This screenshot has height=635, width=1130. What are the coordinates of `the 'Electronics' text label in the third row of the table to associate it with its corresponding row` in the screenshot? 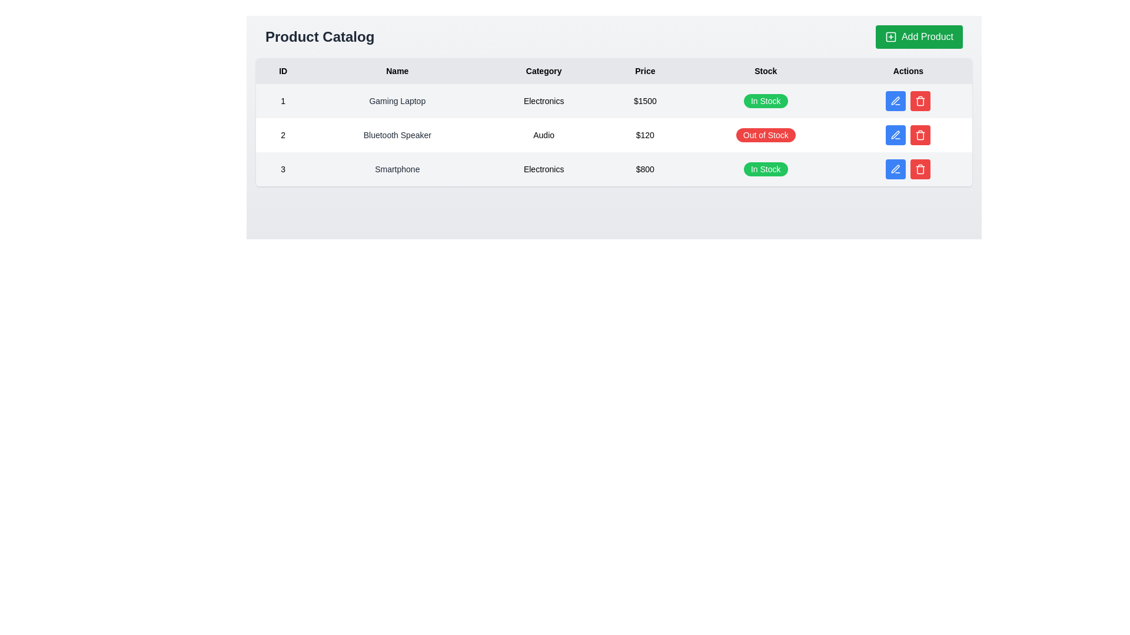 It's located at (543, 169).